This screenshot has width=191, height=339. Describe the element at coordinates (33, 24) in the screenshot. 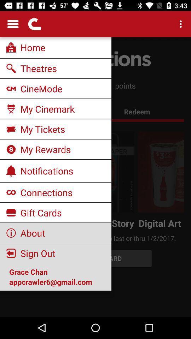

I see `the second icon which is at the top left` at that location.